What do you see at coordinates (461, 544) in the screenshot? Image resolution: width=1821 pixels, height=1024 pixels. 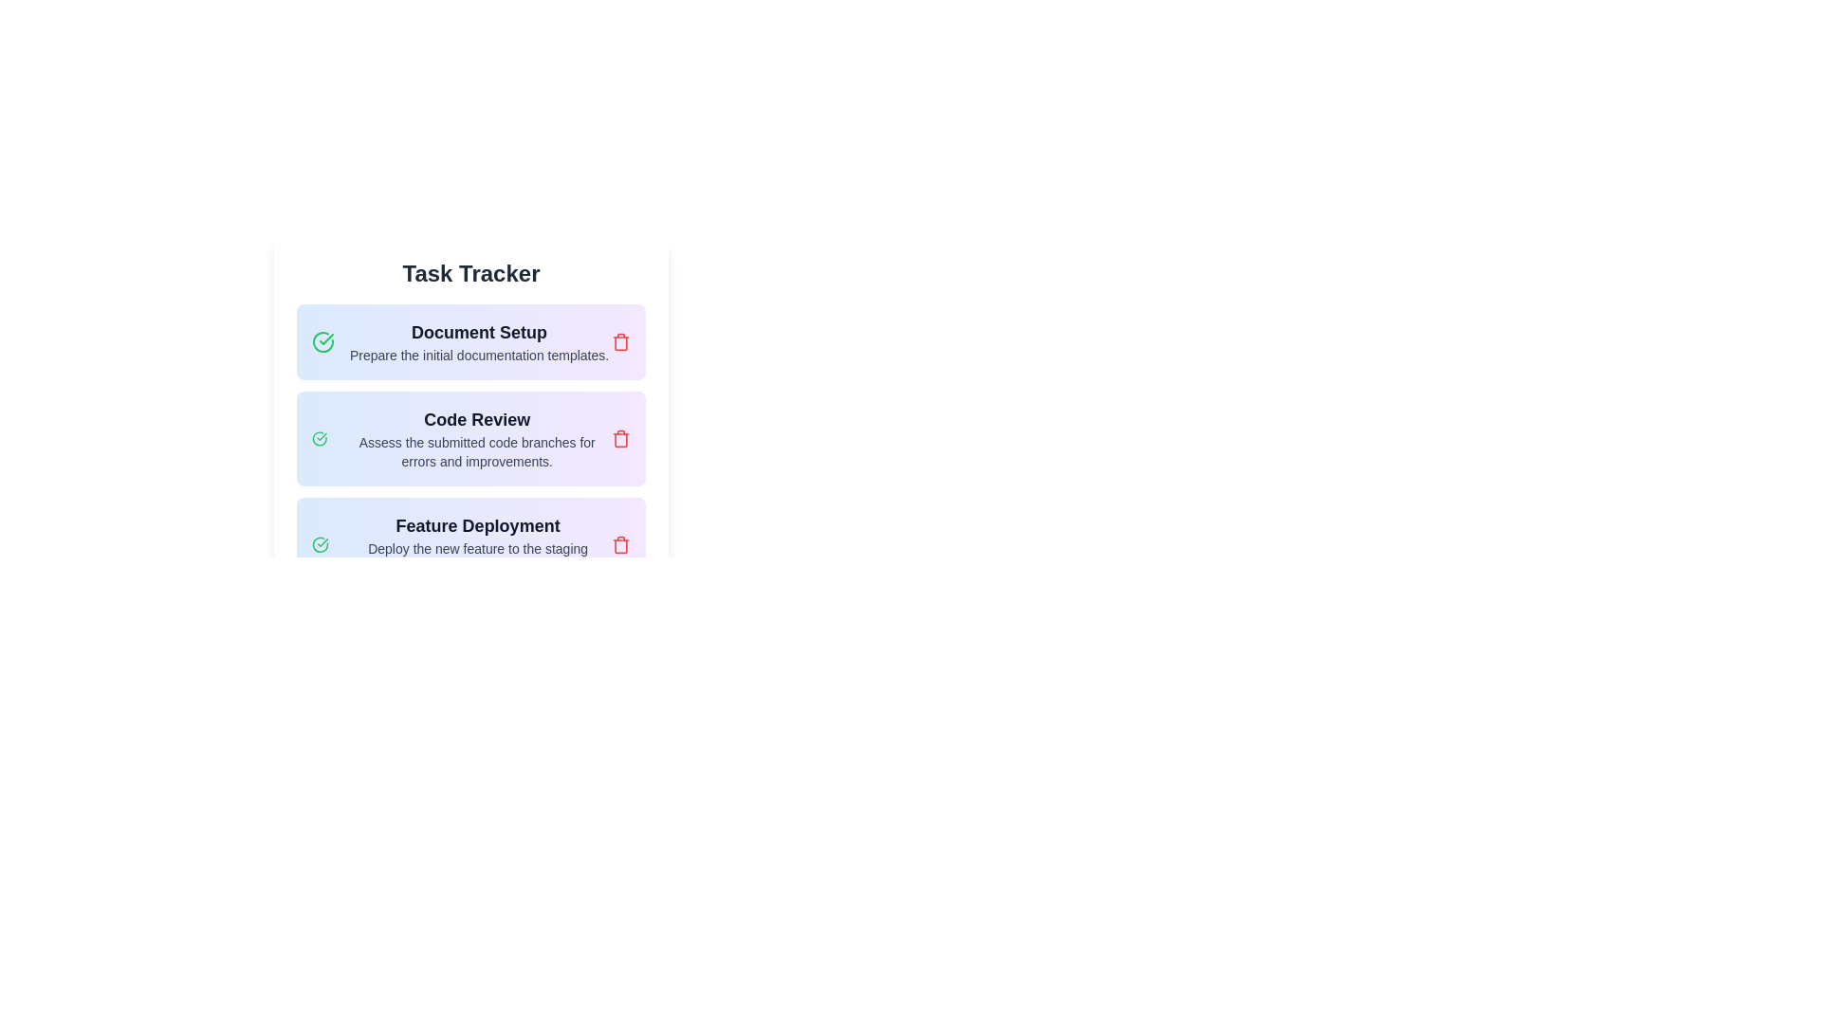 I see `the third task item in the 'Task Tracker' list, which is located below the 'Code Review' task` at bounding box center [461, 544].